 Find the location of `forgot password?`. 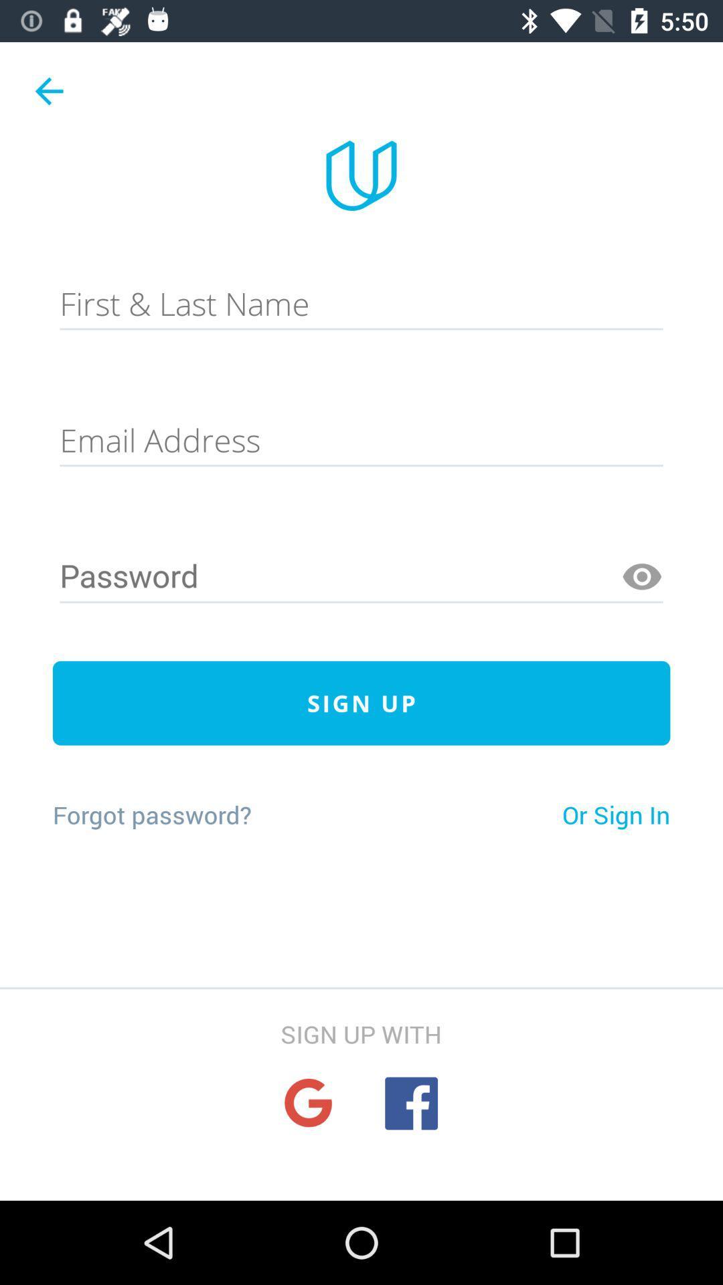

forgot password? is located at coordinates (151, 814).